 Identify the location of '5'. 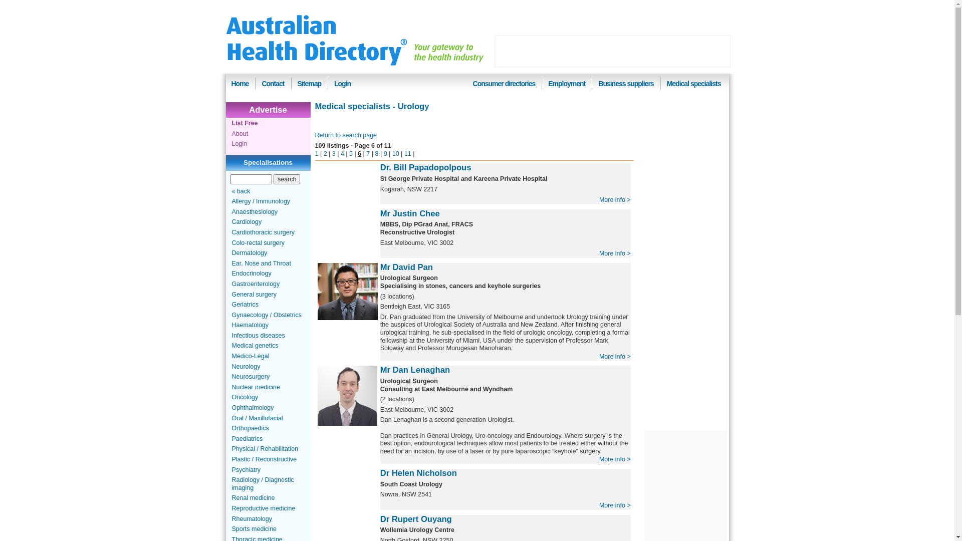
(351, 154).